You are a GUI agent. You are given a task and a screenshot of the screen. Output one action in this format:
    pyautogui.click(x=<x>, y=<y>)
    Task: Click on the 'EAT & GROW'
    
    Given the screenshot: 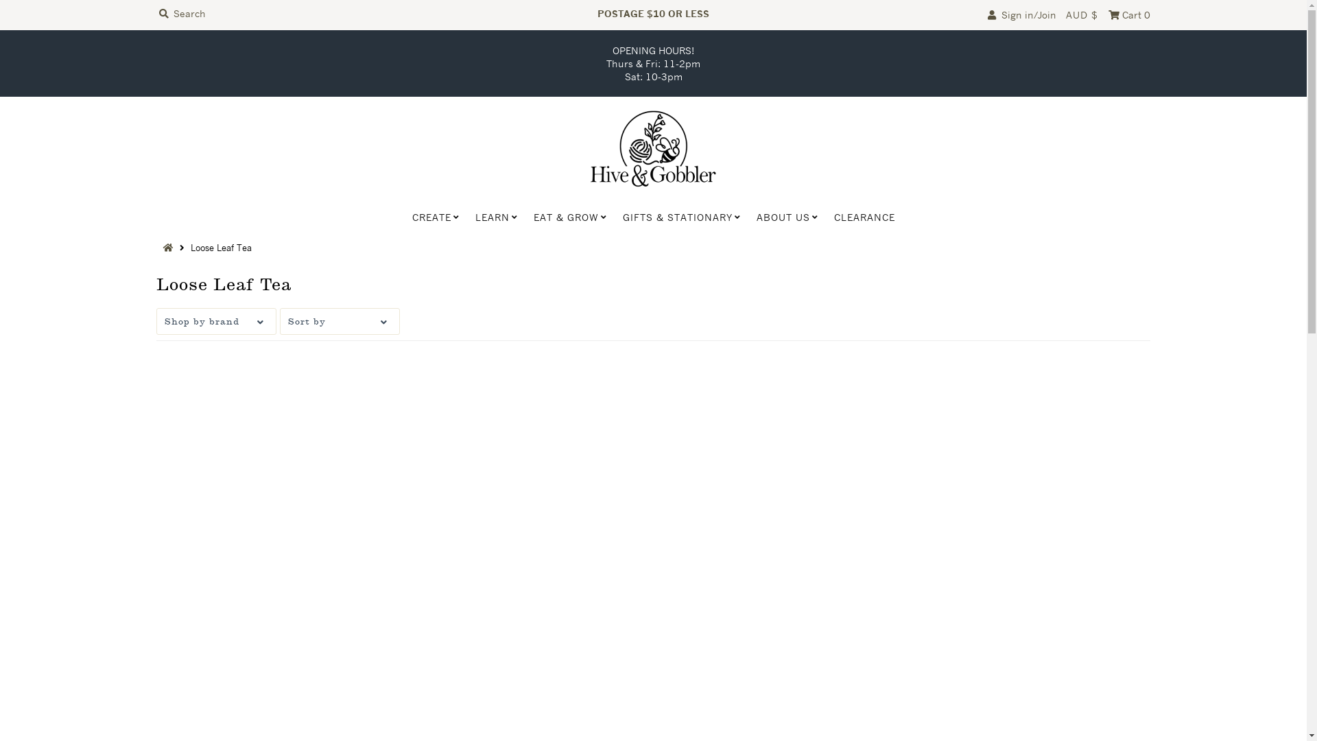 What is the action you would take?
    pyautogui.click(x=565, y=216)
    